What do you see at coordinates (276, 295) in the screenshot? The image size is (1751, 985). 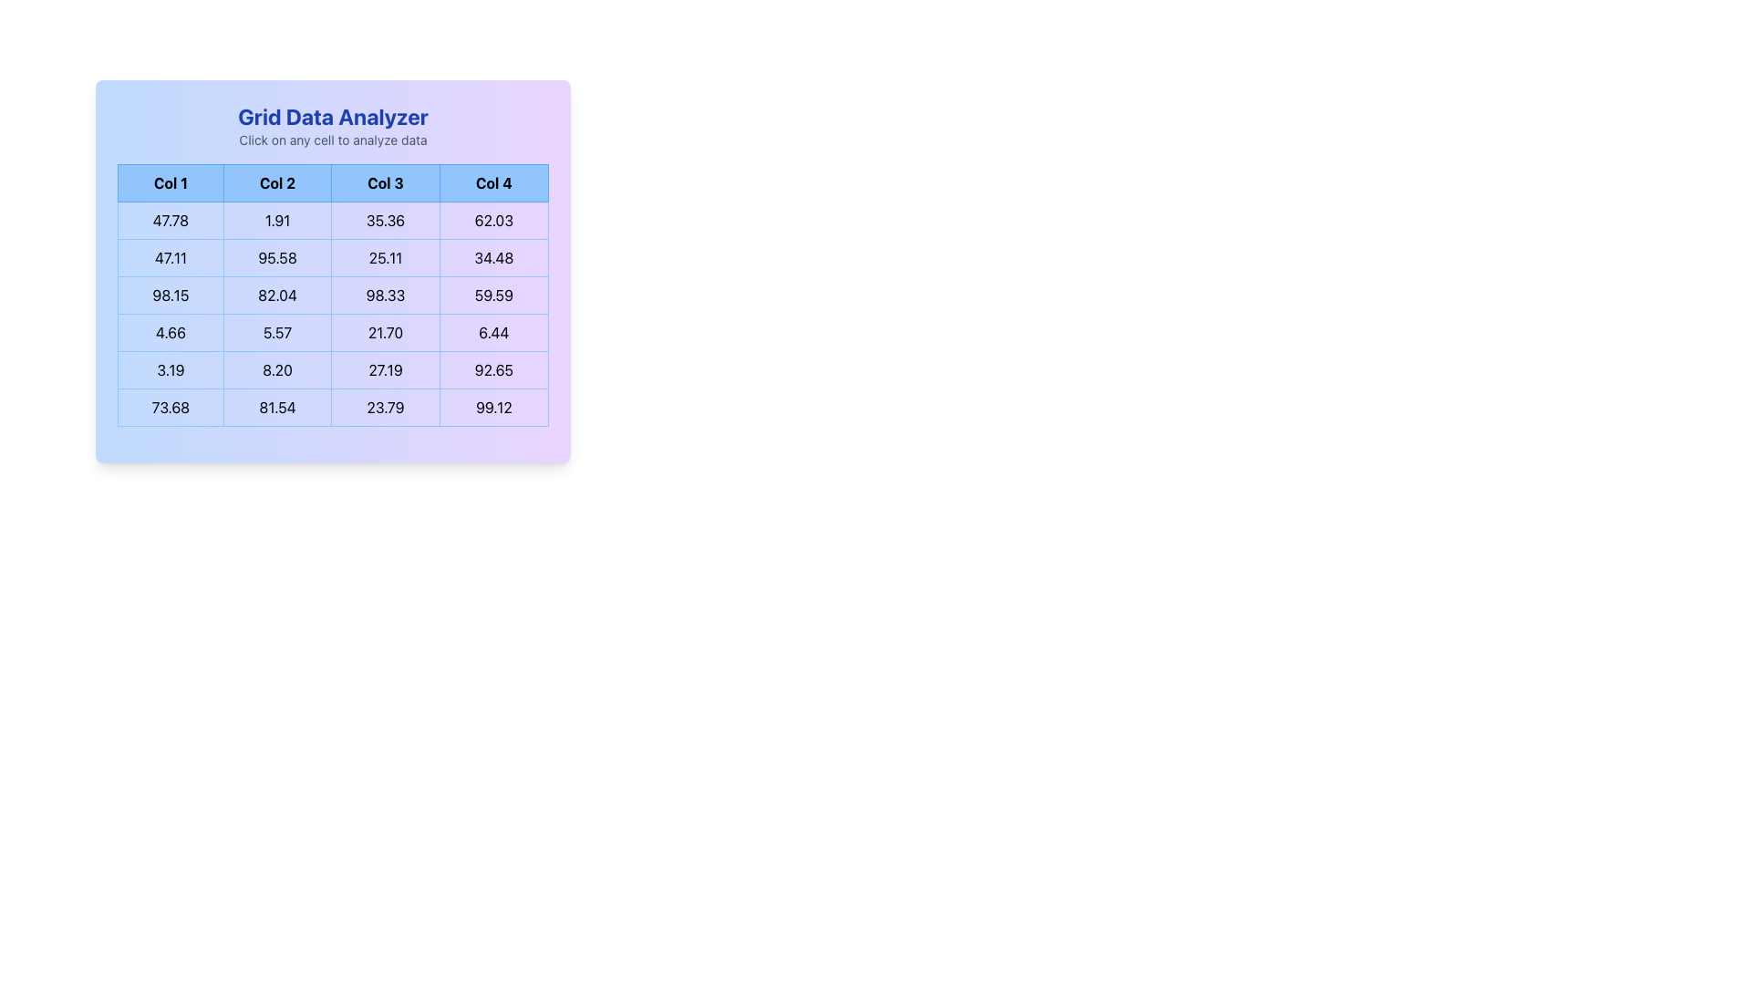 I see `the table cell displaying the numeric value '82.04', which is the second cell in the second column of the third row in the grid-like table` at bounding box center [276, 295].